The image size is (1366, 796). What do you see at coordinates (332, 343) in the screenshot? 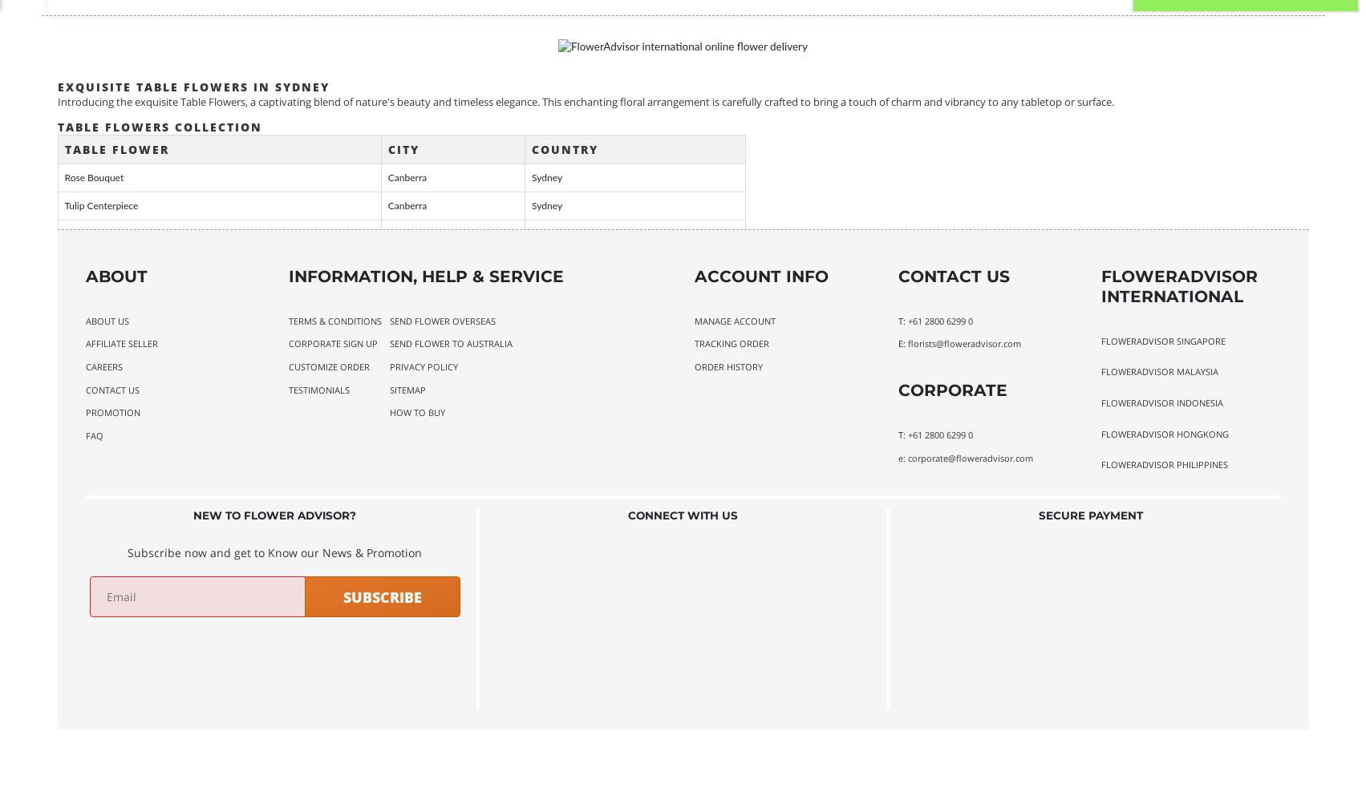
I see `'Corporate Sign Up'` at bounding box center [332, 343].